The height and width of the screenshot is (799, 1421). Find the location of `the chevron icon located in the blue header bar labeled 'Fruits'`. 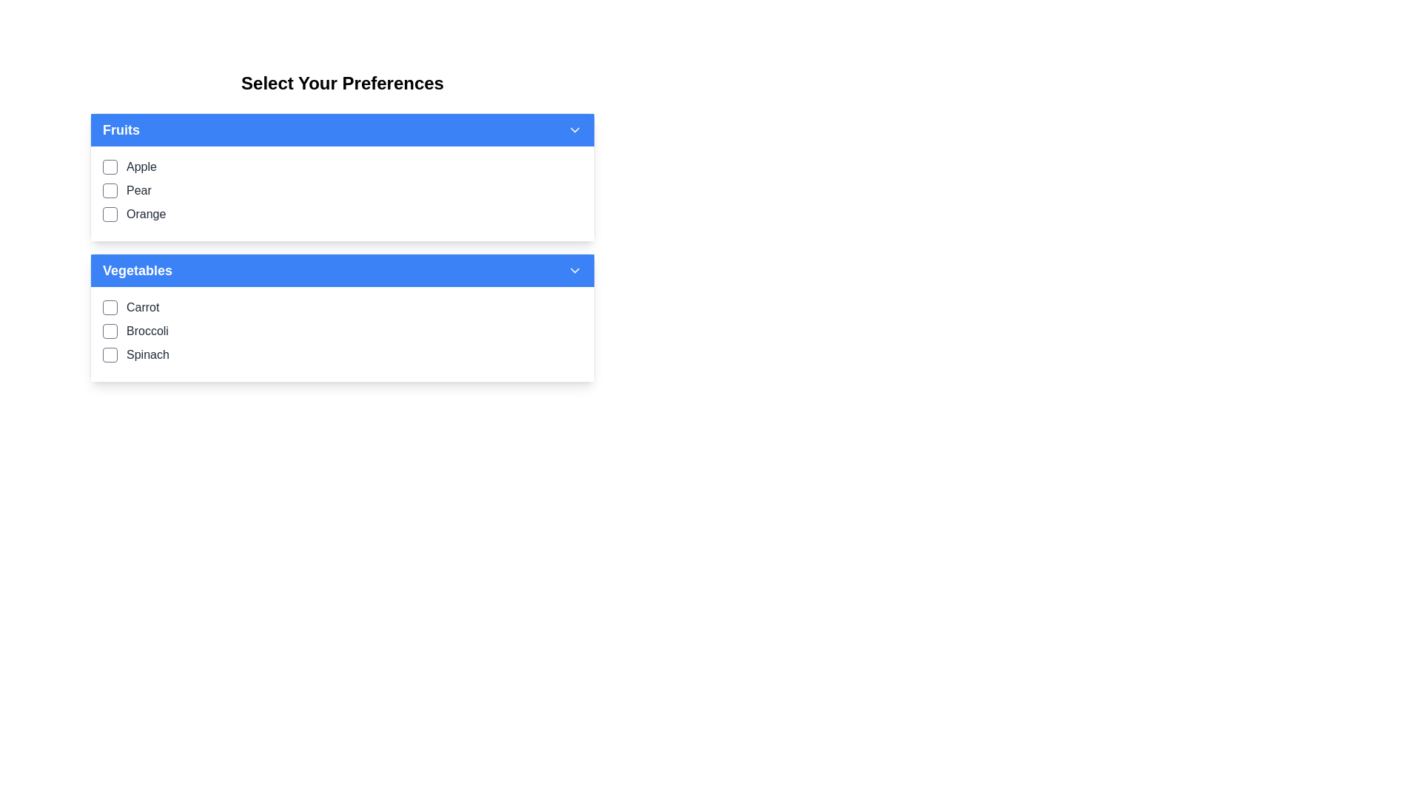

the chevron icon located in the blue header bar labeled 'Fruits' is located at coordinates (574, 129).